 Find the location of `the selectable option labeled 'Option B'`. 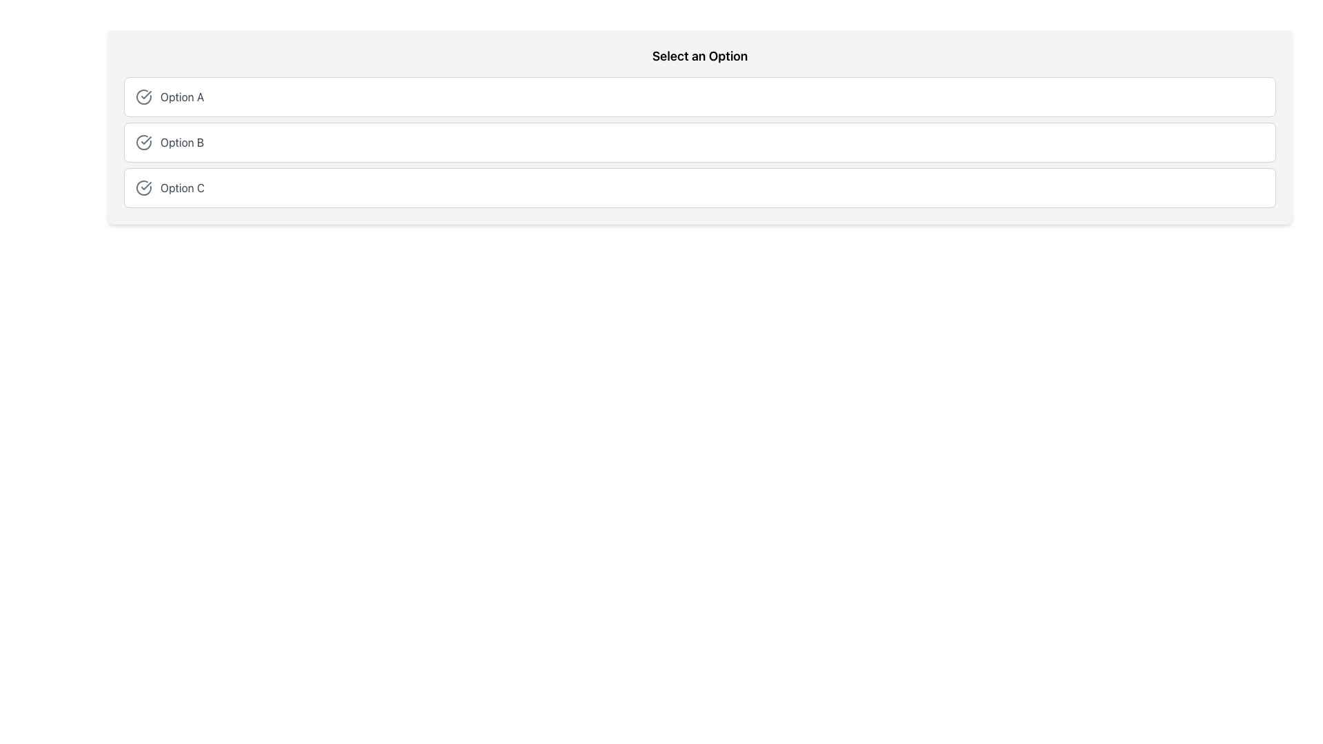

the selectable option labeled 'Option B' is located at coordinates (700, 143).